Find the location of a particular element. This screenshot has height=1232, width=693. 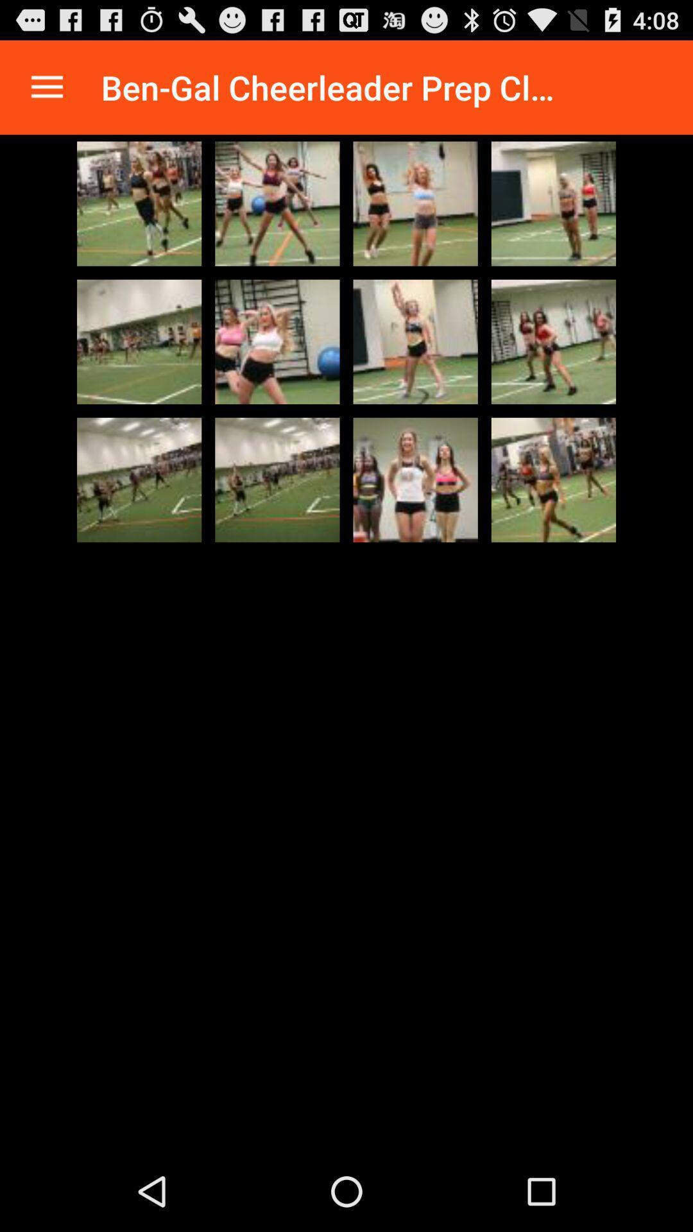

photo is located at coordinates (415, 341).